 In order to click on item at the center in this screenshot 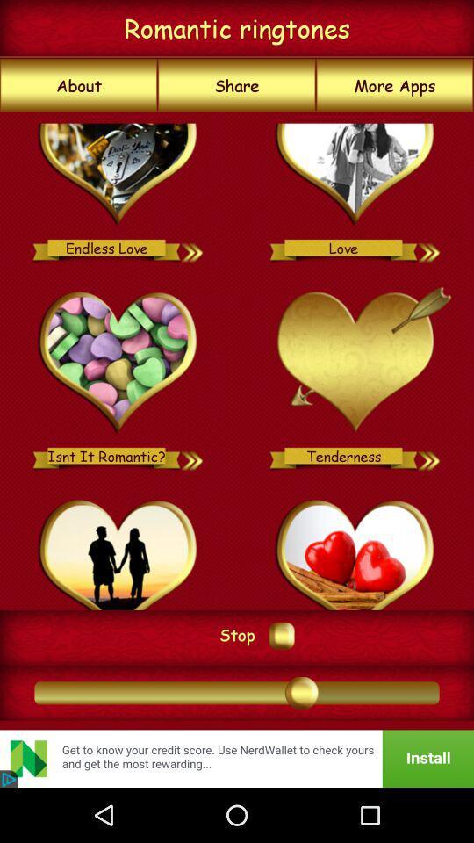, I will do `click(237, 360)`.